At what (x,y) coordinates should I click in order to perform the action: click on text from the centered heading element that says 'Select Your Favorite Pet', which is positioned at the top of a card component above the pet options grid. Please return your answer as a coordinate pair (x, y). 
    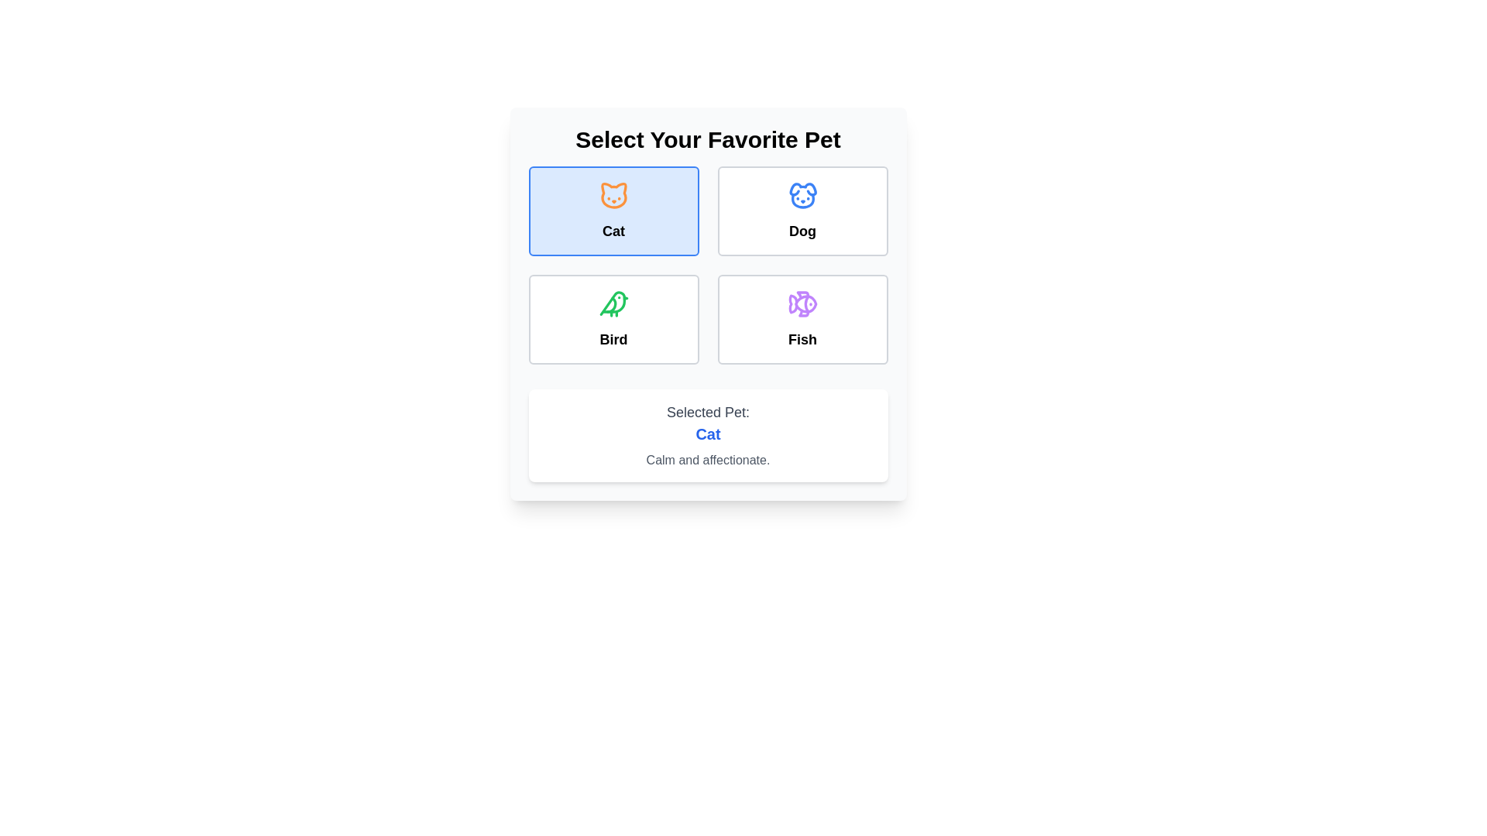
    Looking at the image, I should click on (707, 140).